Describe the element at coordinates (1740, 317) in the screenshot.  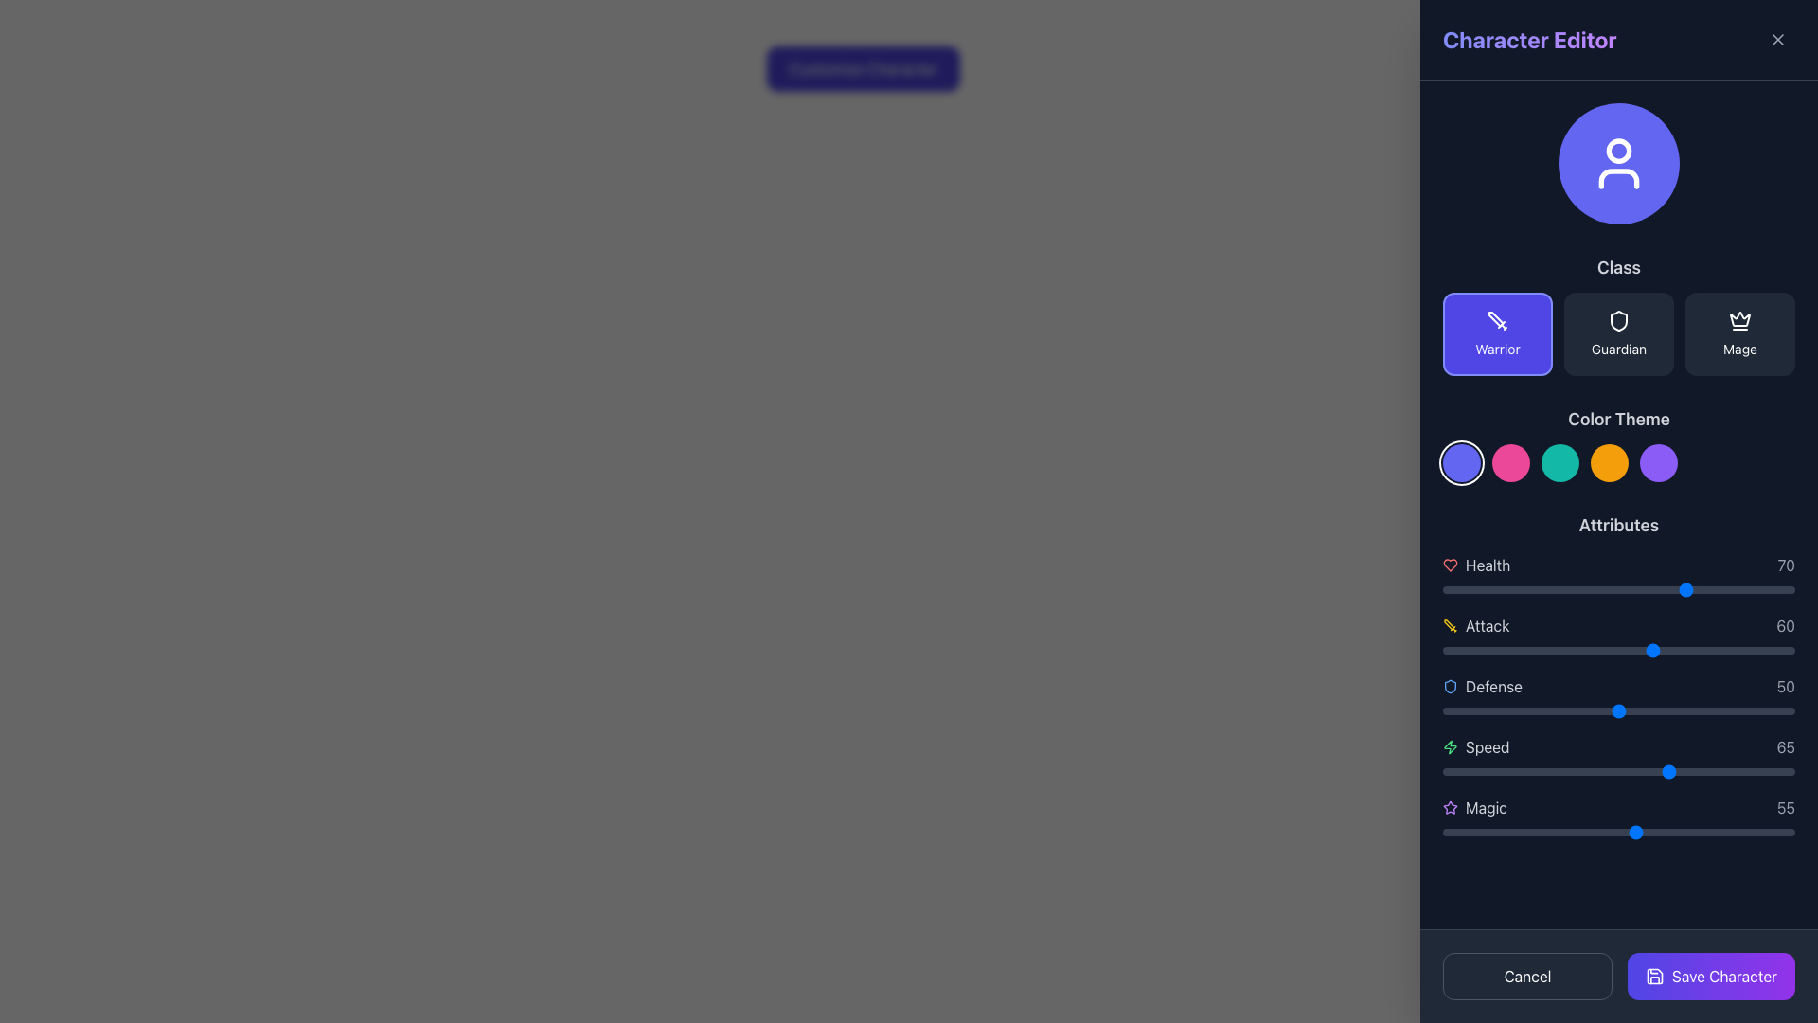
I see `the crown icon representing the 'Mage' class in the character editor interface` at that location.